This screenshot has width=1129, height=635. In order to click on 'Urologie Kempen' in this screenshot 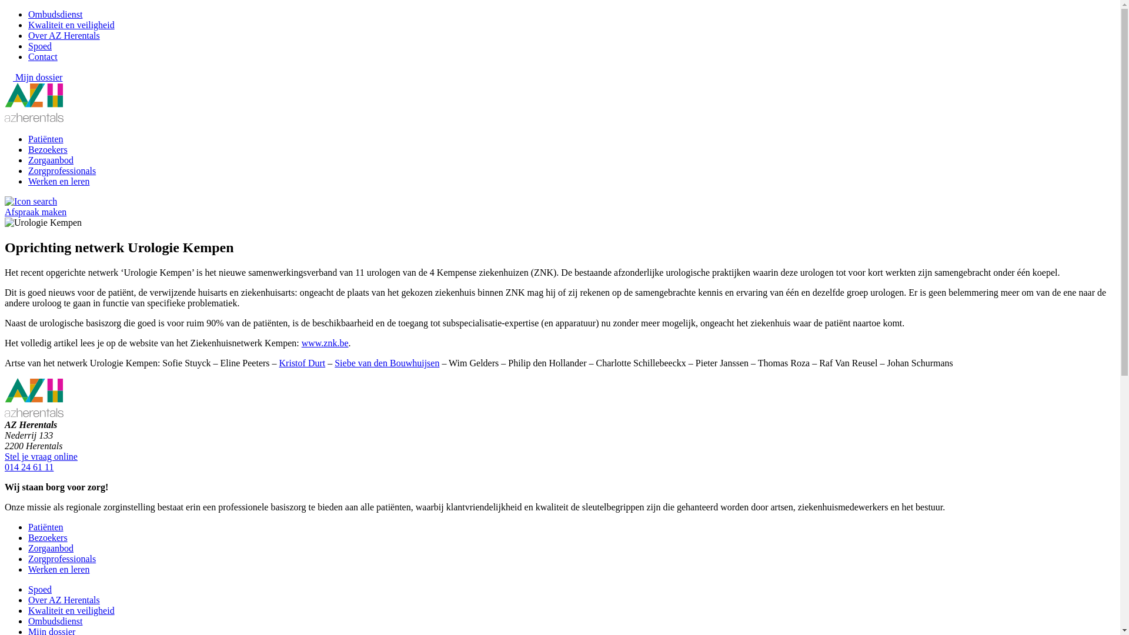, I will do `click(43, 222)`.